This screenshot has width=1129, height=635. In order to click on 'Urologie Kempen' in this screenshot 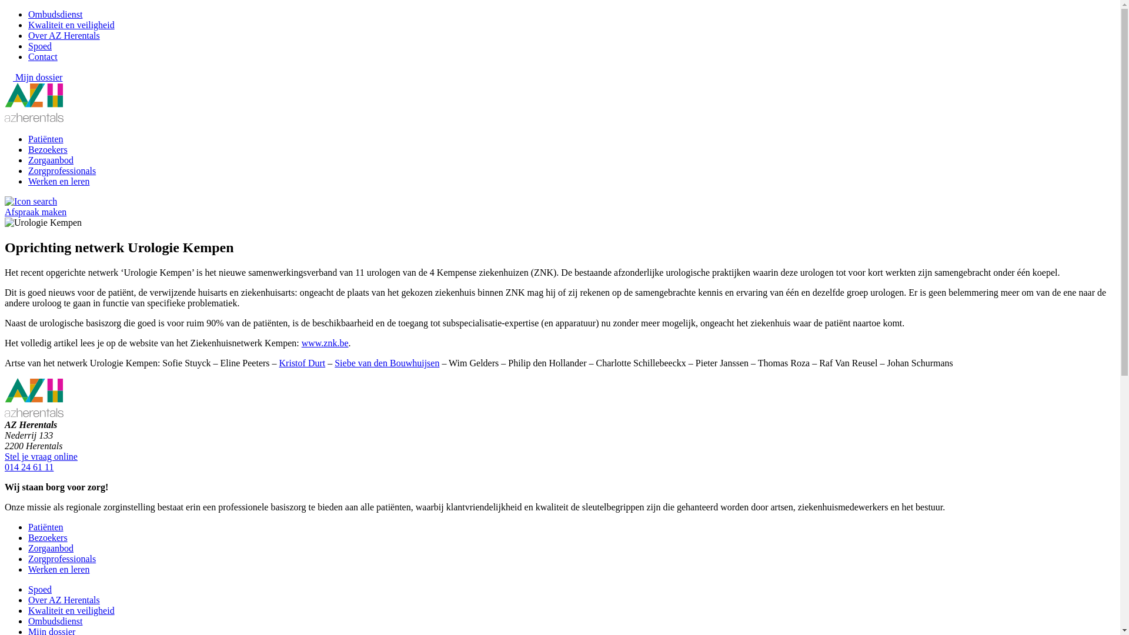, I will do `click(43, 222)`.